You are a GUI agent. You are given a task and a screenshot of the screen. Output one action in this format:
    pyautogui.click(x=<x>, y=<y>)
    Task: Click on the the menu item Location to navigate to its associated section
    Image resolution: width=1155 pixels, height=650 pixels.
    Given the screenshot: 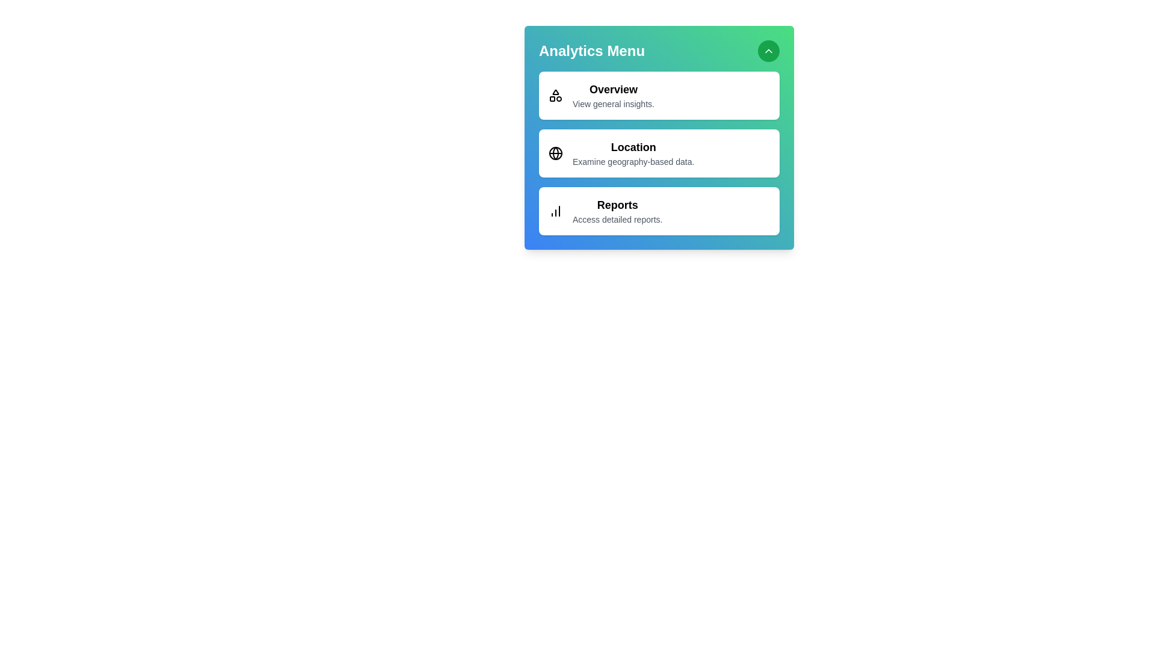 What is the action you would take?
    pyautogui.click(x=658, y=152)
    